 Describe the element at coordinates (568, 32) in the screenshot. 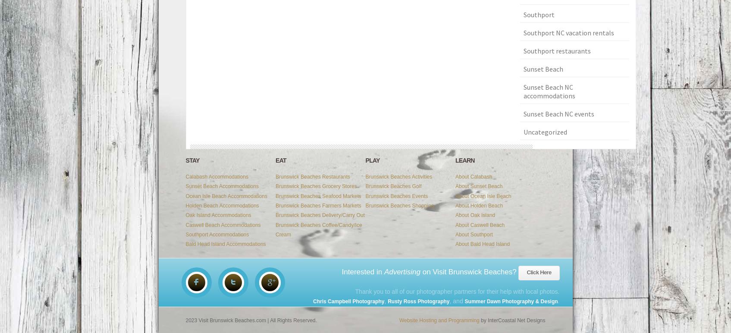

I see `'Southport NC vacation rentals'` at that location.